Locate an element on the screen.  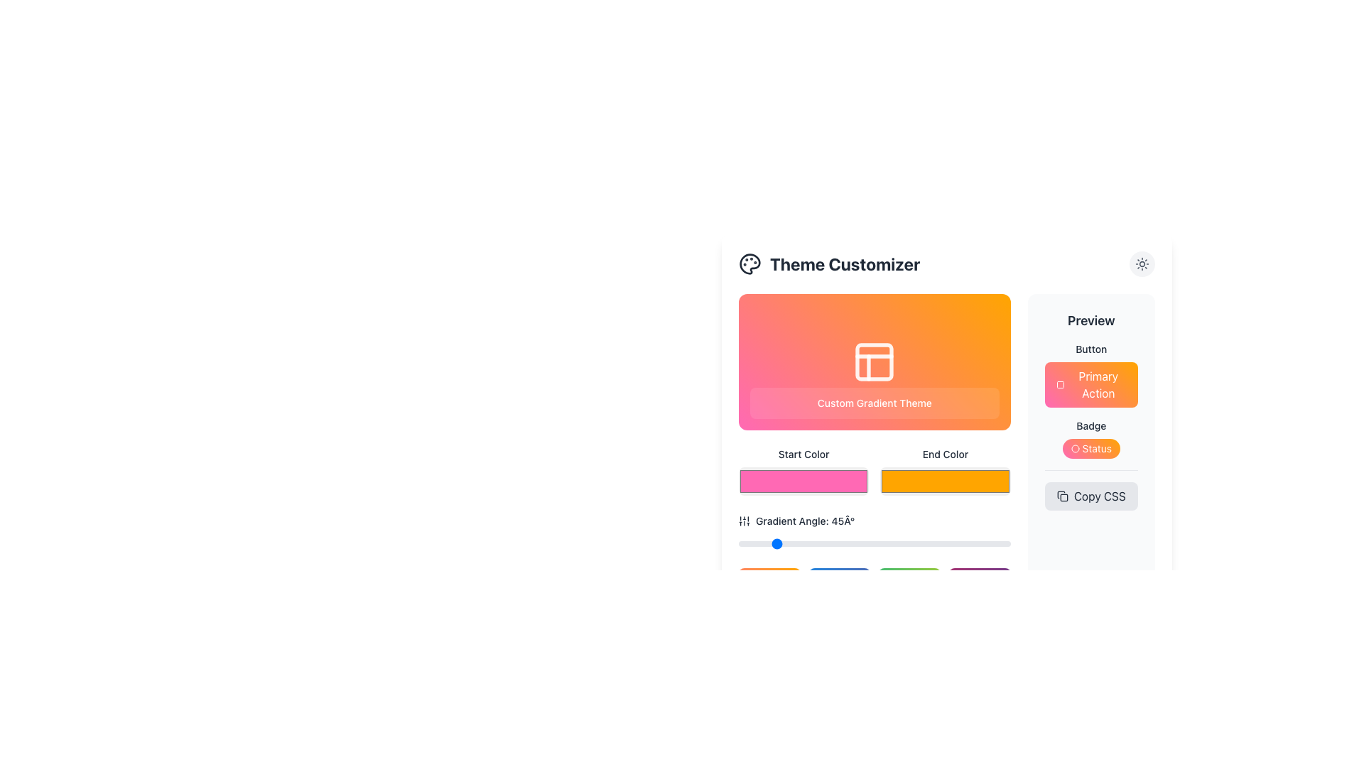
the 'Primary Action' button with a gradient background transitioning from pink to orange for keyboard-based interactions is located at coordinates (1090, 385).